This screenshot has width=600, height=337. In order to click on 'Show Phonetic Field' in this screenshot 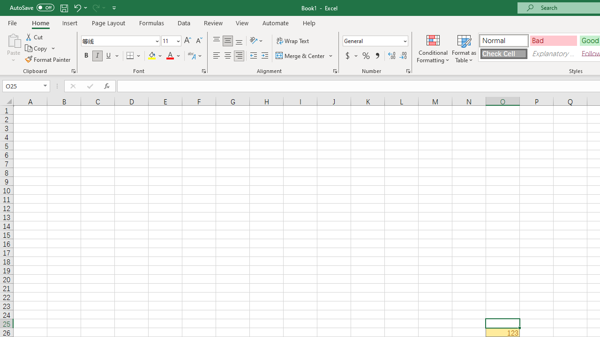, I will do `click(195, 56)`.